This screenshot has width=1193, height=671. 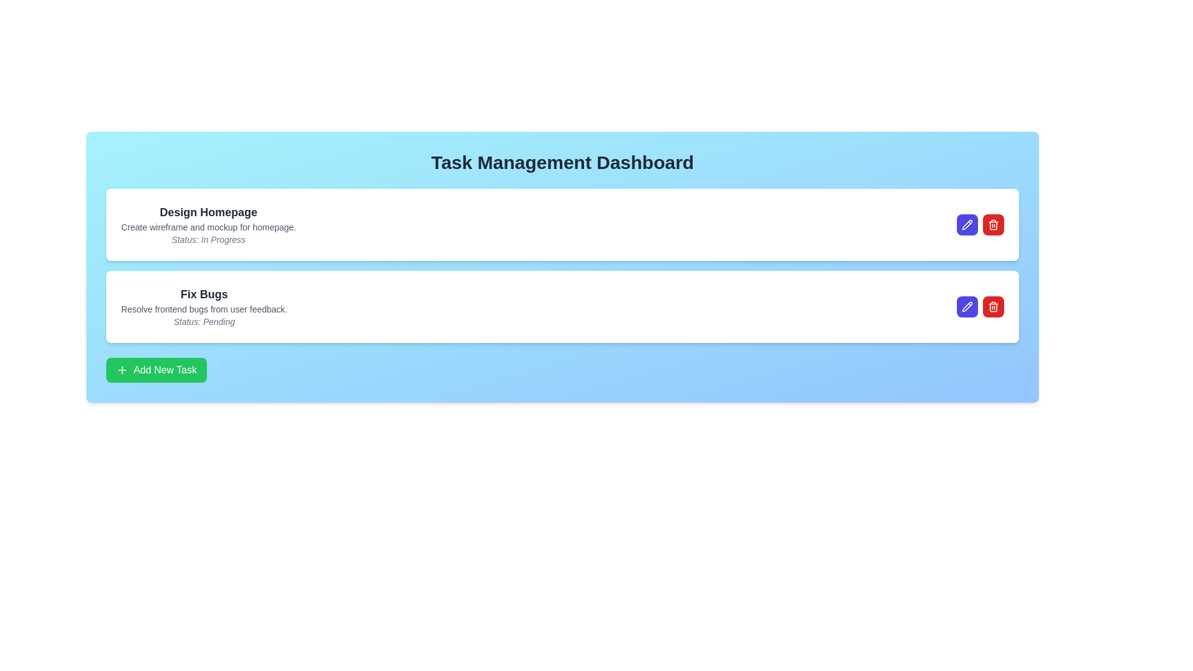 What do you see at coordinates (204, 306) in the screenshot?
I see `descriptive text information from the Text Block located in the second task card titled 'Fix Bugs'` at bounding box center [204, 306].